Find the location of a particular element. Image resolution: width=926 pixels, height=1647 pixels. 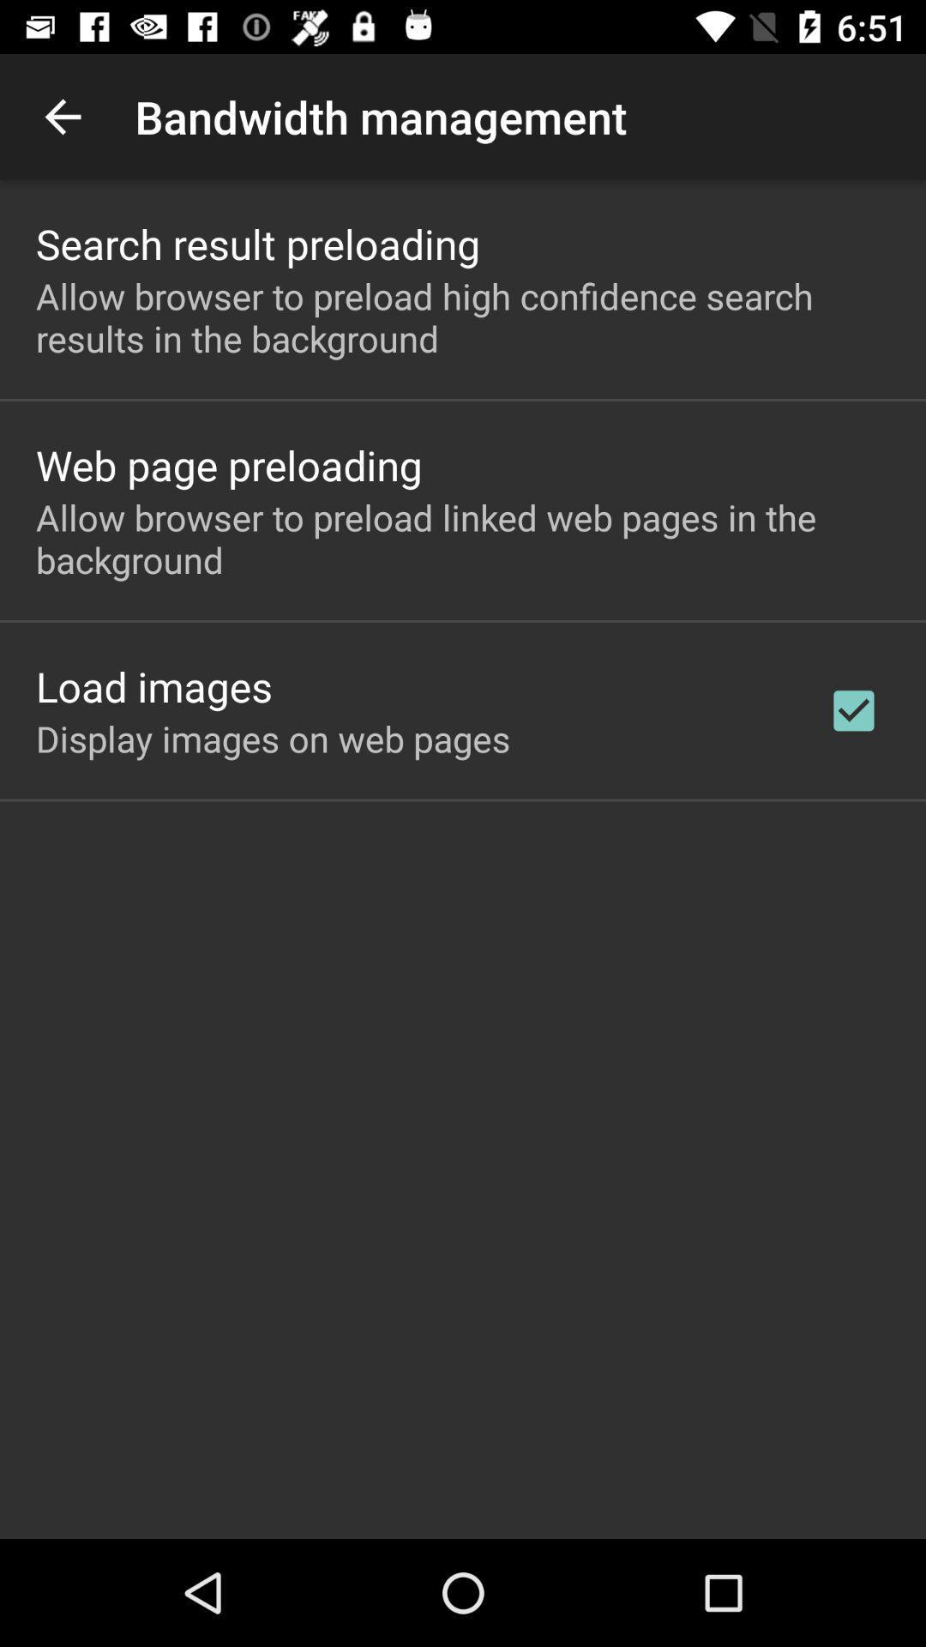

the checkbox on the right is located at coordinates (853, 710).